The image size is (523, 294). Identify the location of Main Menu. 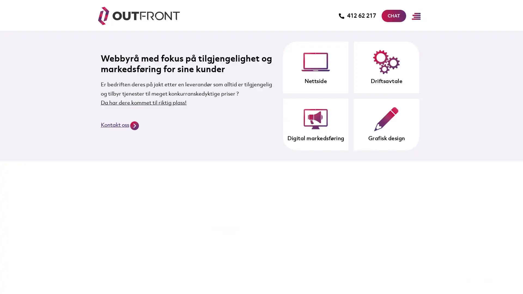
(418, 18).